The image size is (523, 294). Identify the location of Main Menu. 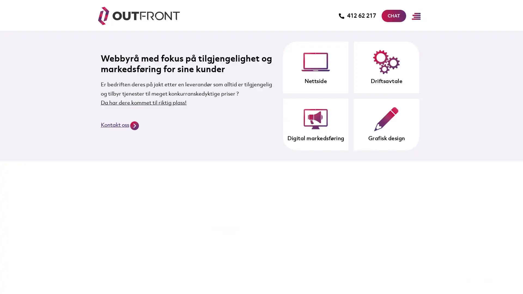
(418, 18).